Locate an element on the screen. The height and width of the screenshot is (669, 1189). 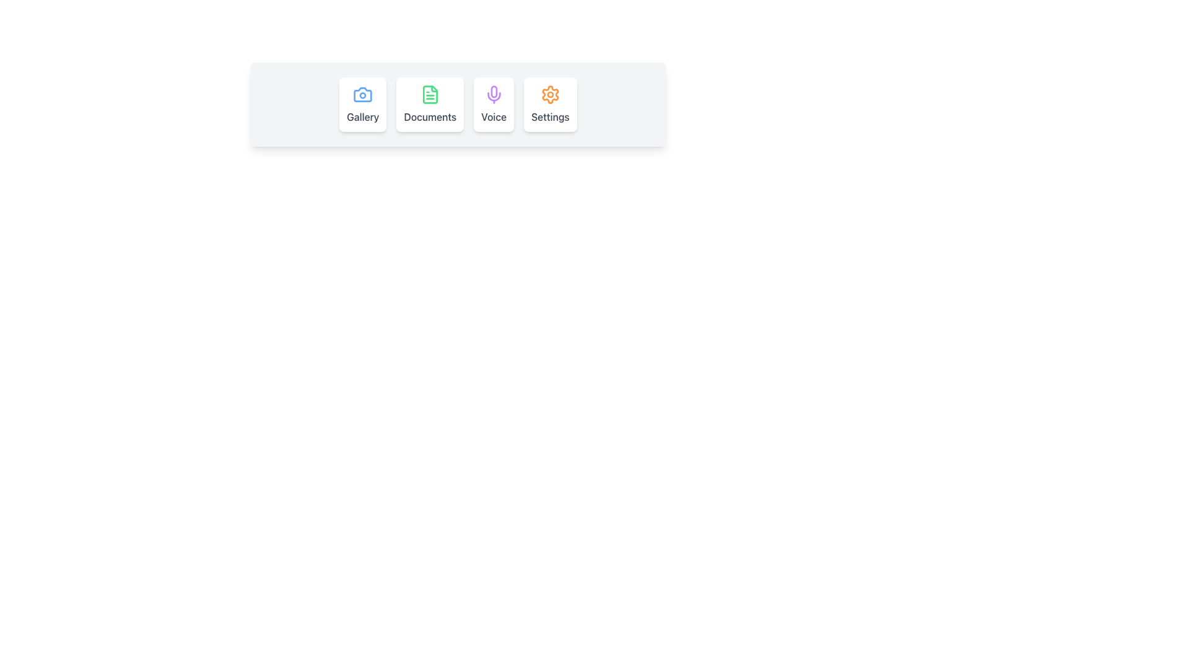
the 'Voice' text label located under the microphone icon, which is the third item in a horizontal row of elements, positioned between 'Documents' and 'Settings' is located at coordinates (493, 117).